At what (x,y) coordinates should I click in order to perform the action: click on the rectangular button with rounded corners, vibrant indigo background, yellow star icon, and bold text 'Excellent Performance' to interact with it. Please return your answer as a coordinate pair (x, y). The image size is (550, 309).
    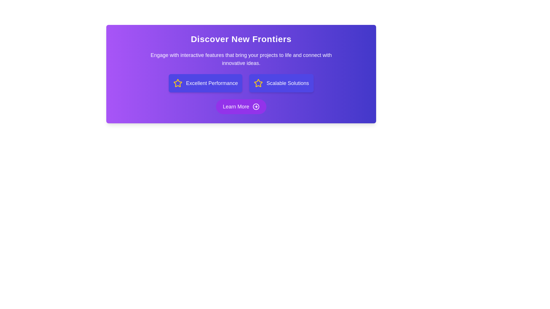
    Looking at the image, I should click on (205, 83).